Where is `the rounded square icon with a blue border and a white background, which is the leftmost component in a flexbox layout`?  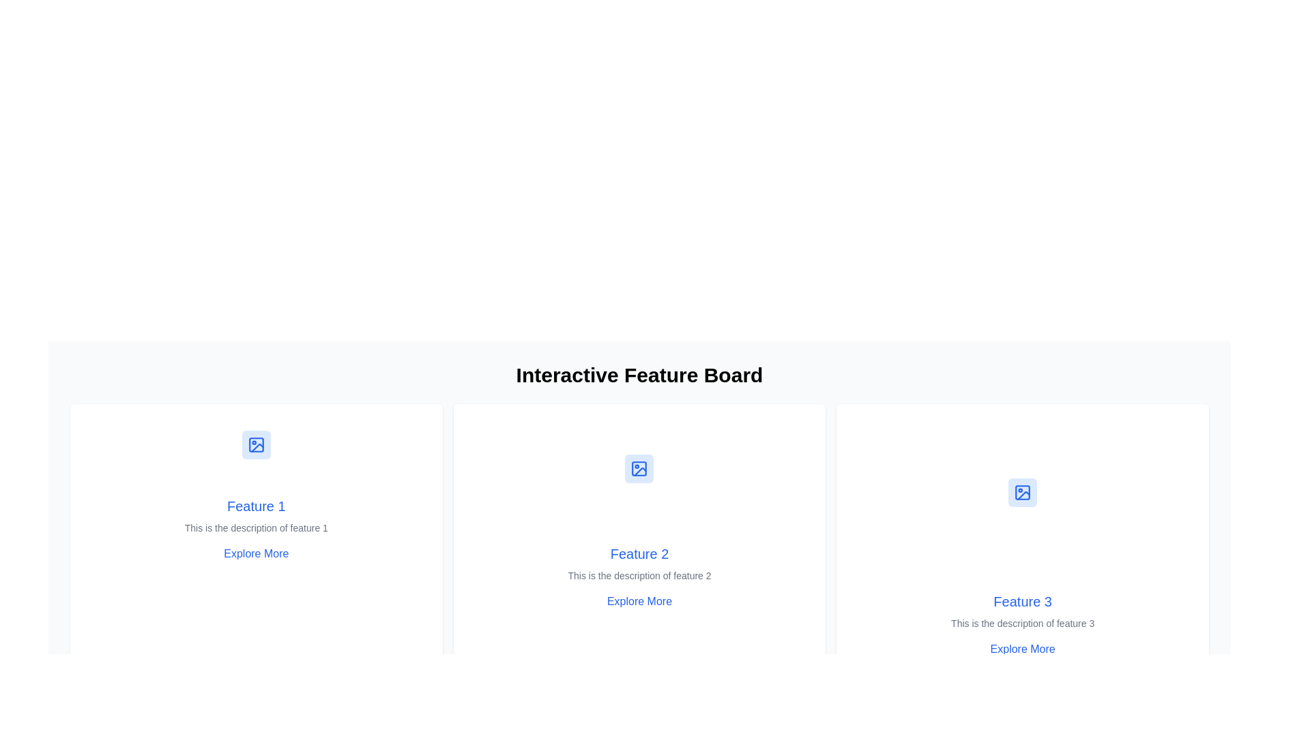 the rounded square icon with a blue border and a white background, which is the leftmost component in a flexbox layout is located at coordinates (1023, 492).